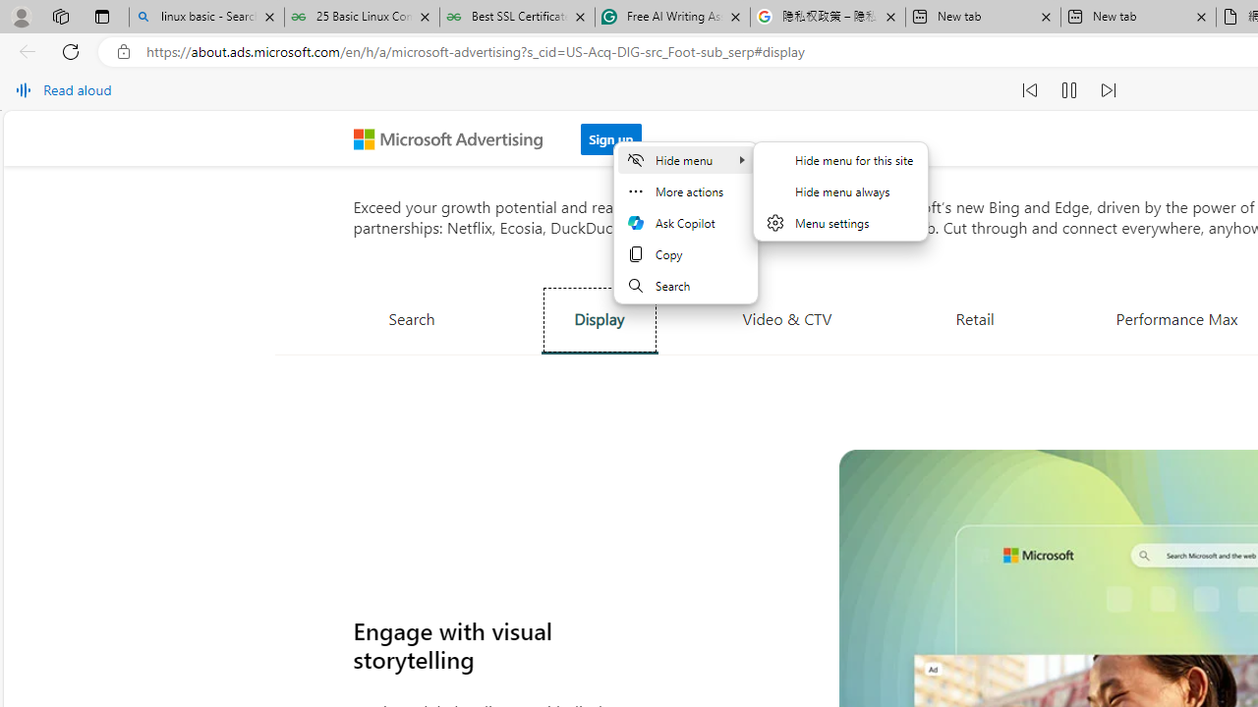  What do you see at coordinates (598, 318) in the screenshot?
I see `'Display'` at bounding box center [598, 318].